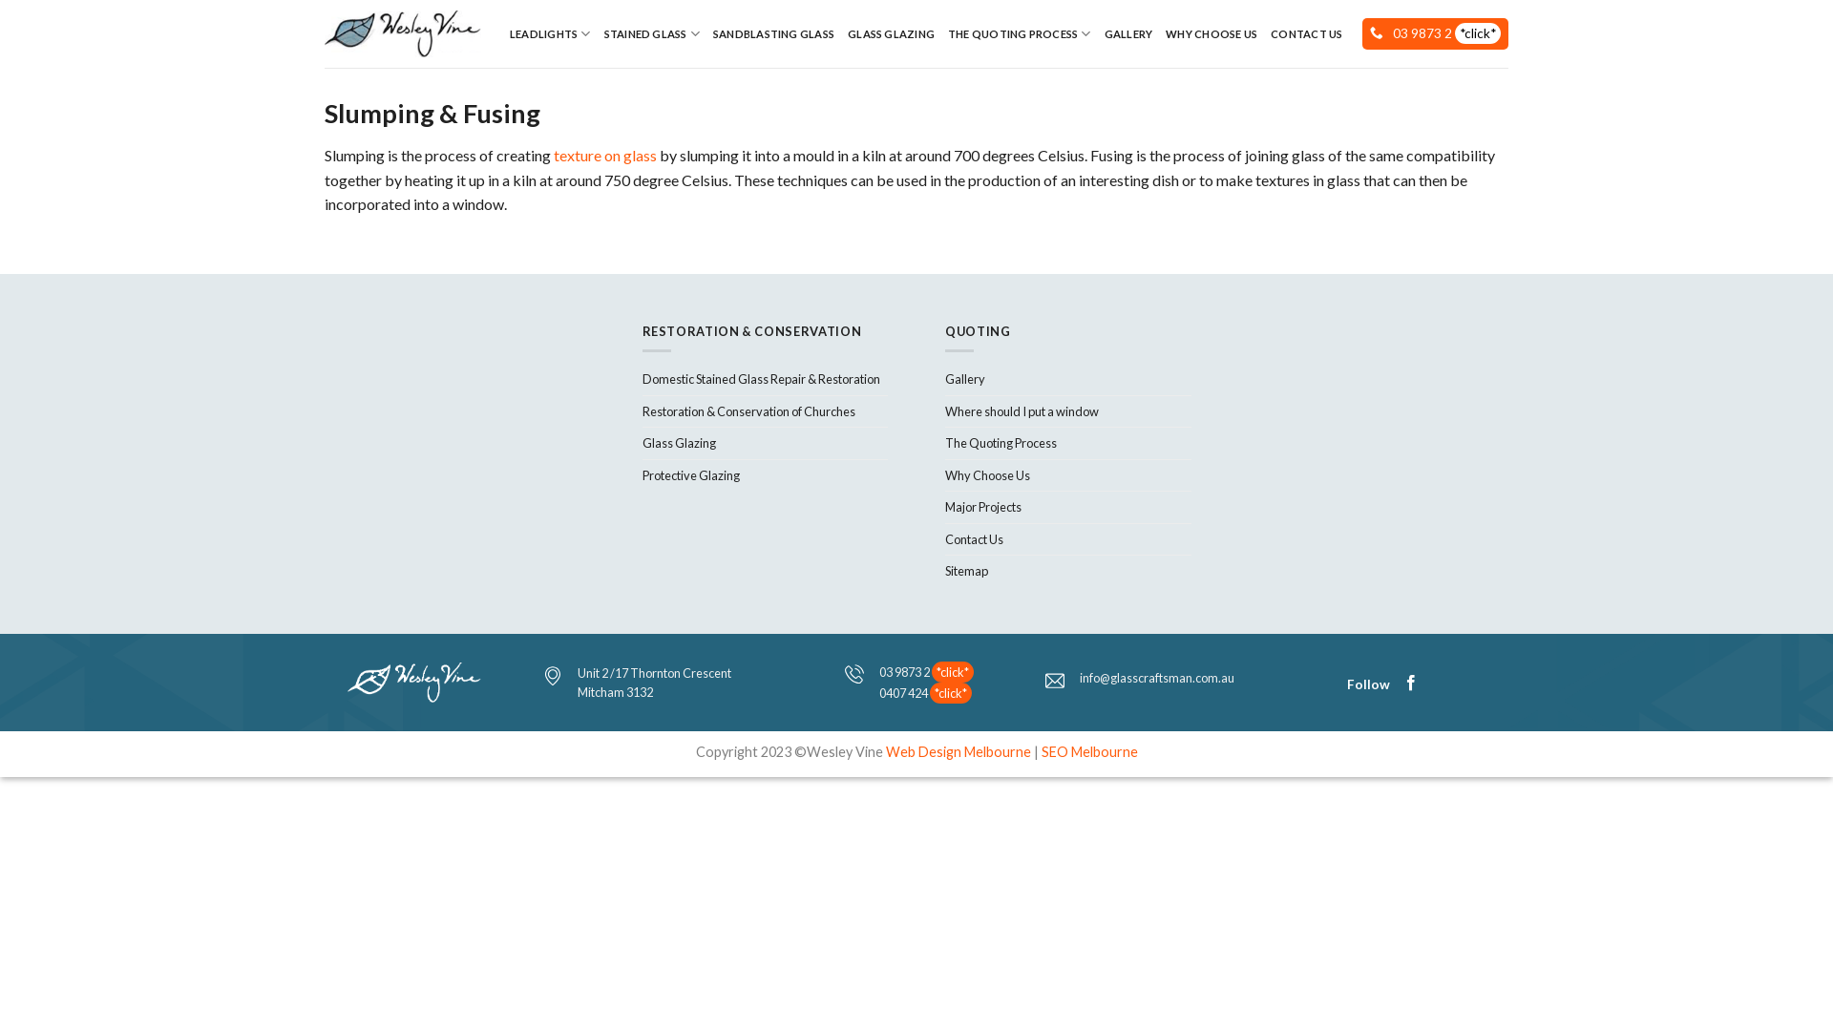 This screenshot has width=1833, height=1031. I want to click on 'GLASS GLAZING', so click(890, 33).